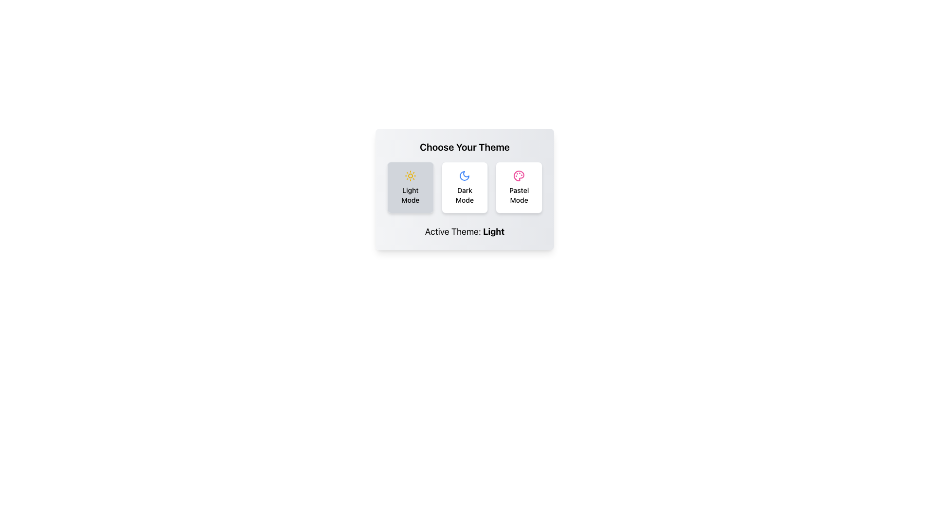 The image size is (934, 525). Describe the element at coordinates (464, 187) in the screenshot. I see `the 'Dark Mode' button located in the middle of the theme selection cards under the 'Choose Your Theme' heading` at that location.